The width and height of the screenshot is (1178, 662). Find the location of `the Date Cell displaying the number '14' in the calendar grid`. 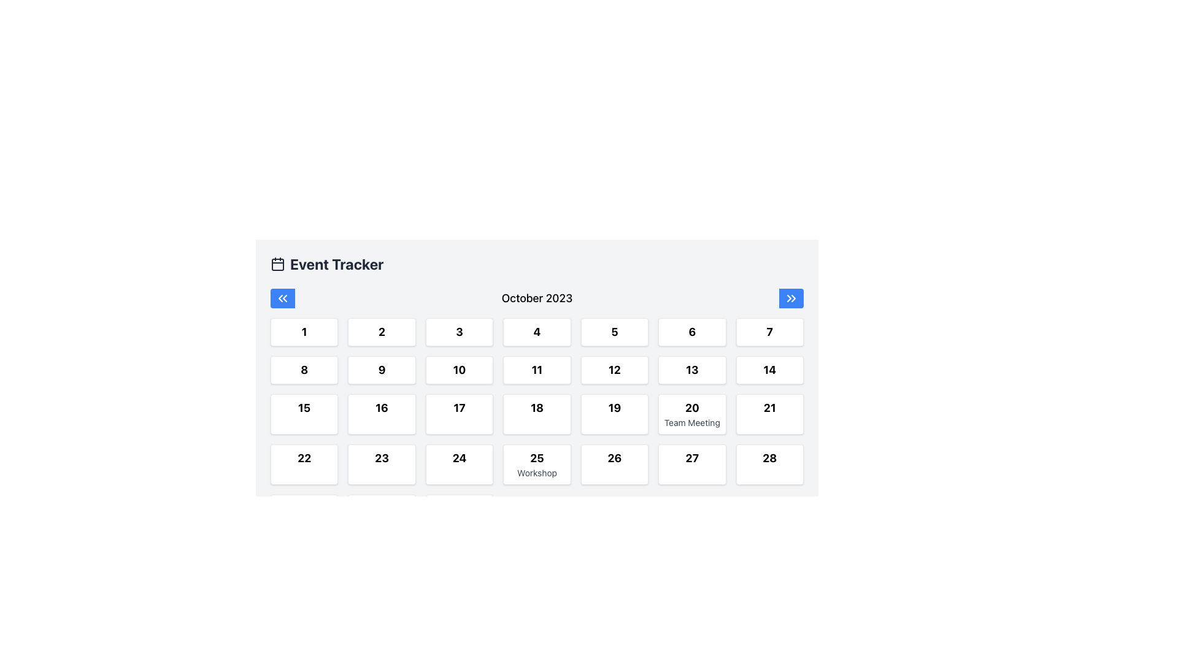

the Date Cell displaying the number '14' in the calendar grid is located at coordinates (769, 370).